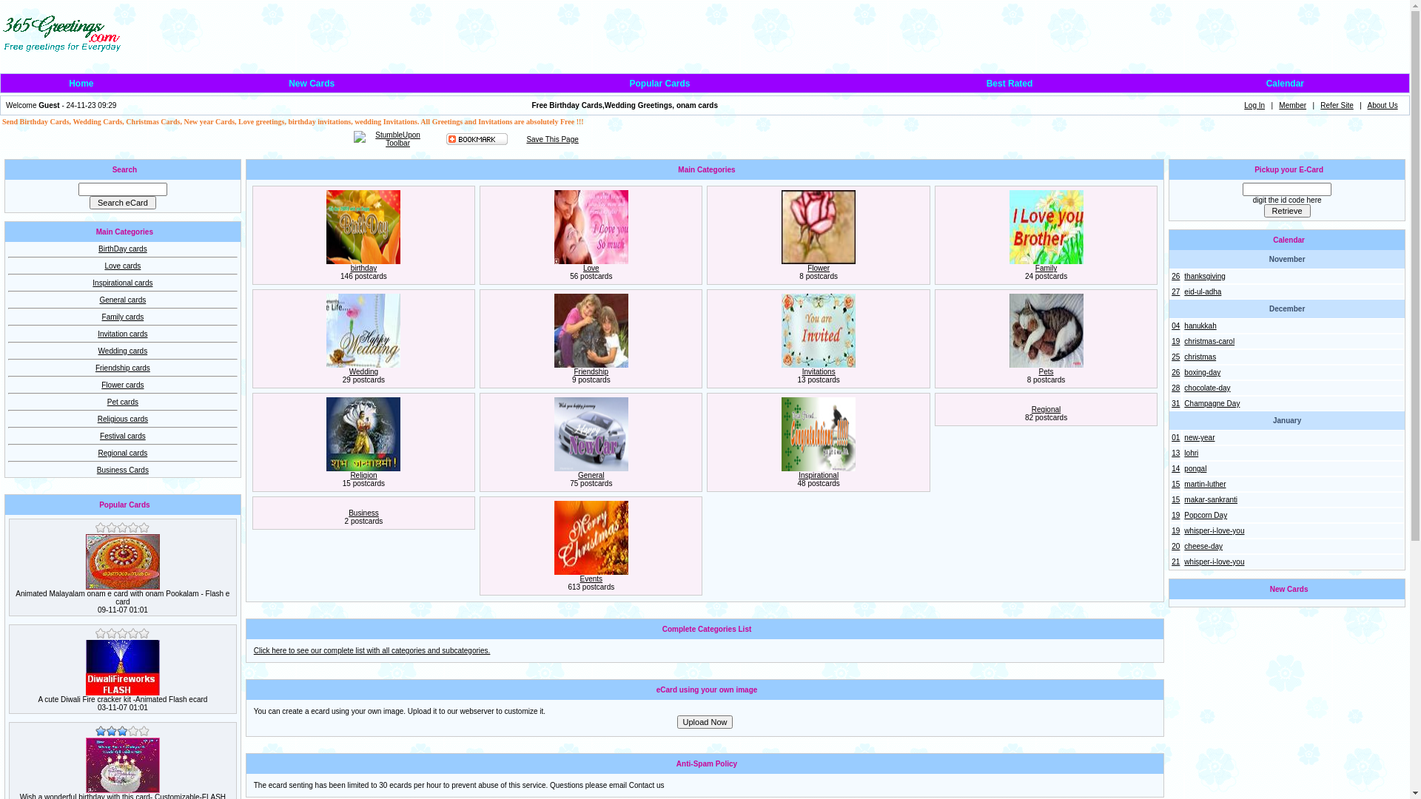 Image resolution: width=1421 pixels, height=799 pixels. Describe the element at coordinates (1204, 276) in the screenshot. I see `'thanksgiving'` at that location.